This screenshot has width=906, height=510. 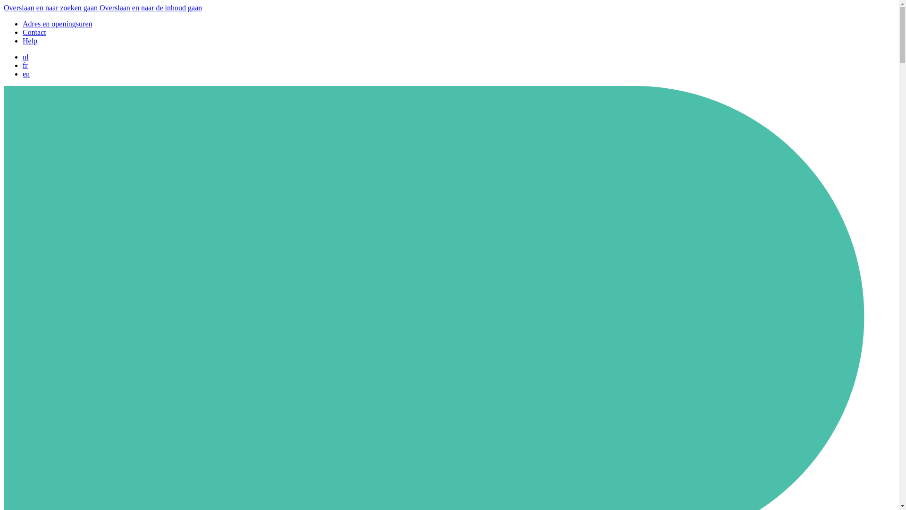 What do you see at coordinates (150, 8) in the screenshot?
I see `'Overslaan en naar de inhoud gaan'` at bounding box center [150, 8].